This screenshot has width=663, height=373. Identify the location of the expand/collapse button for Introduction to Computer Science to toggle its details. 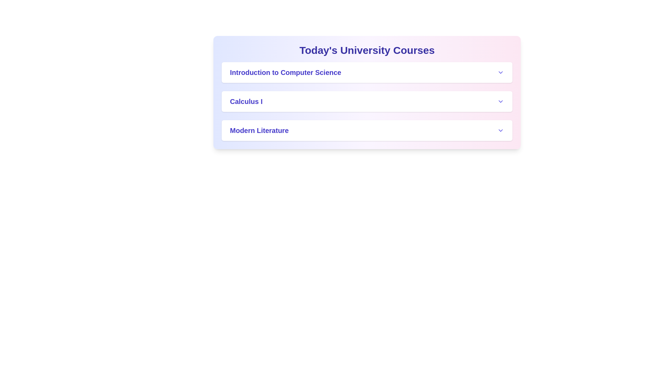
(500, 72).